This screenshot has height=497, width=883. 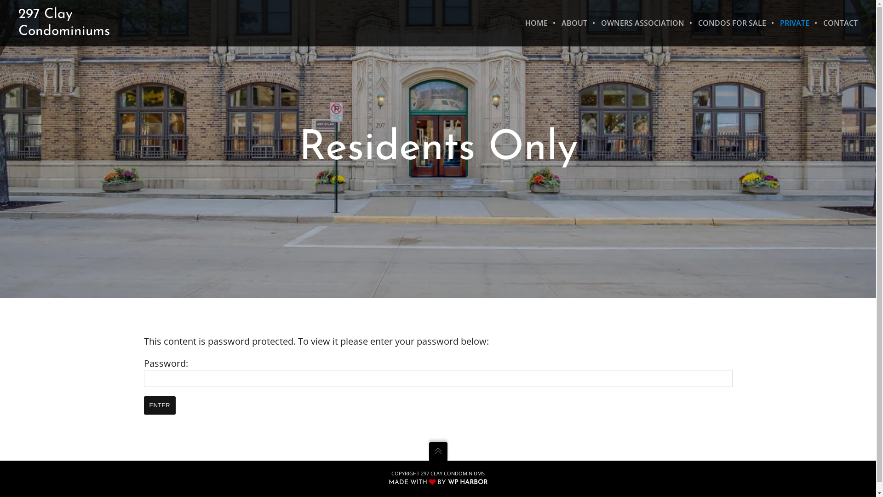 I want to click on 'PRIVATE', so click(x=794, y=23).